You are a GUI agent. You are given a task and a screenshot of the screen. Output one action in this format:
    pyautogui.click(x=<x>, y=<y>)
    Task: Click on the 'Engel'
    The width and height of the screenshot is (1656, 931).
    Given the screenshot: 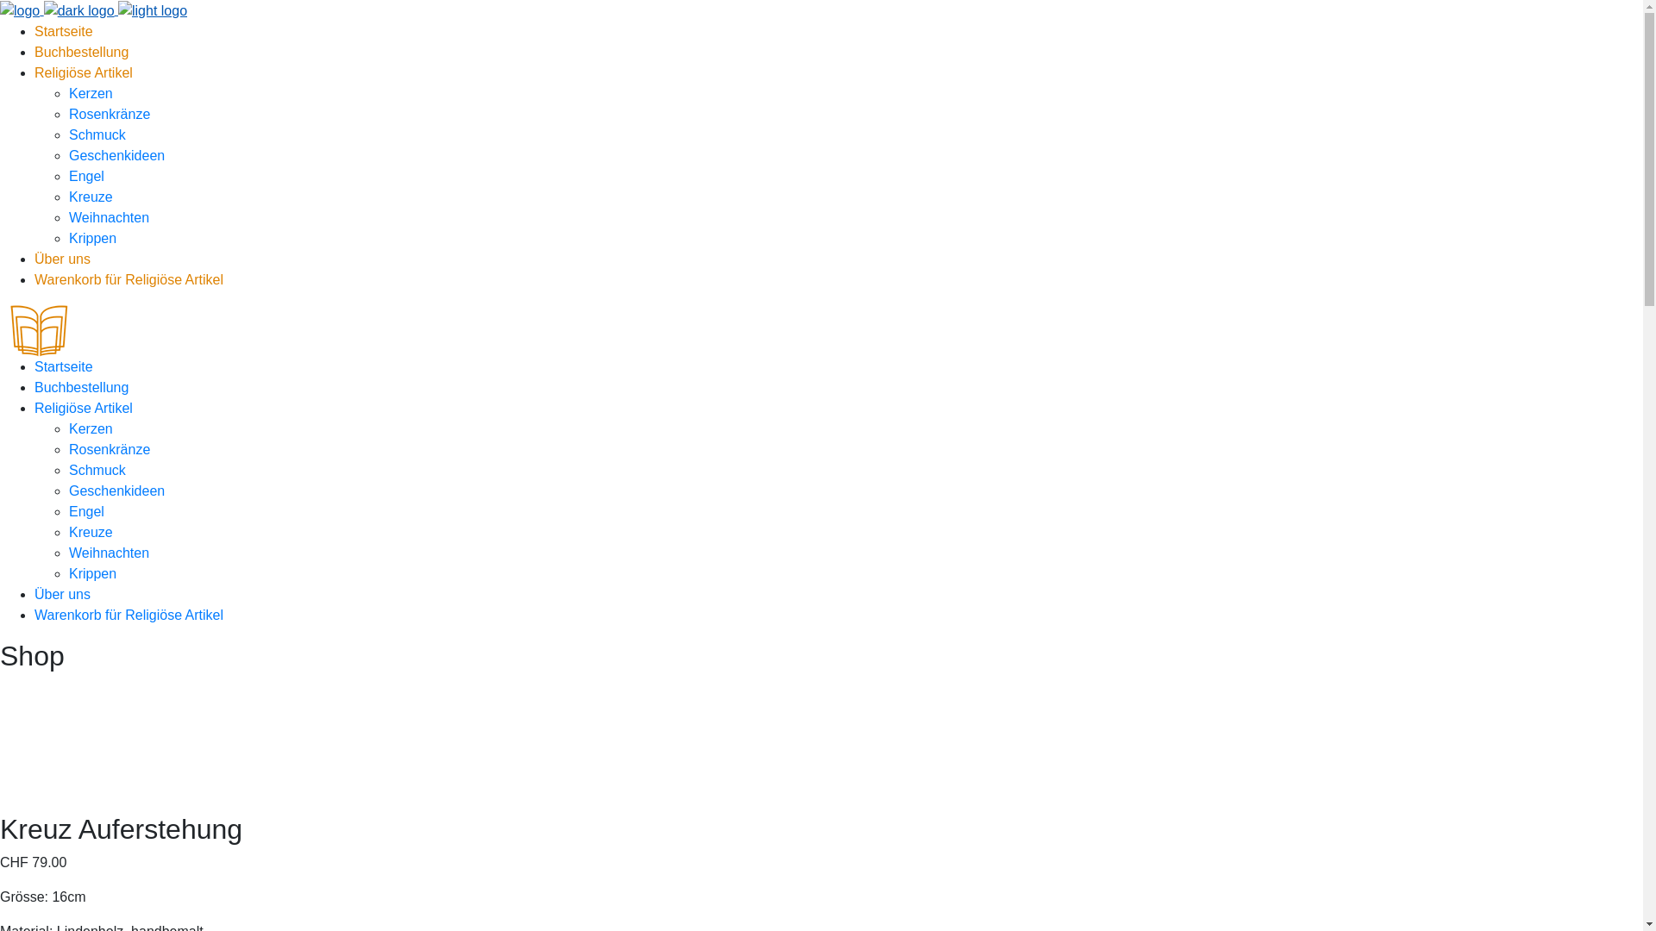 What is the action you would take?
    pyautogui.click(x=85, y=176)
    